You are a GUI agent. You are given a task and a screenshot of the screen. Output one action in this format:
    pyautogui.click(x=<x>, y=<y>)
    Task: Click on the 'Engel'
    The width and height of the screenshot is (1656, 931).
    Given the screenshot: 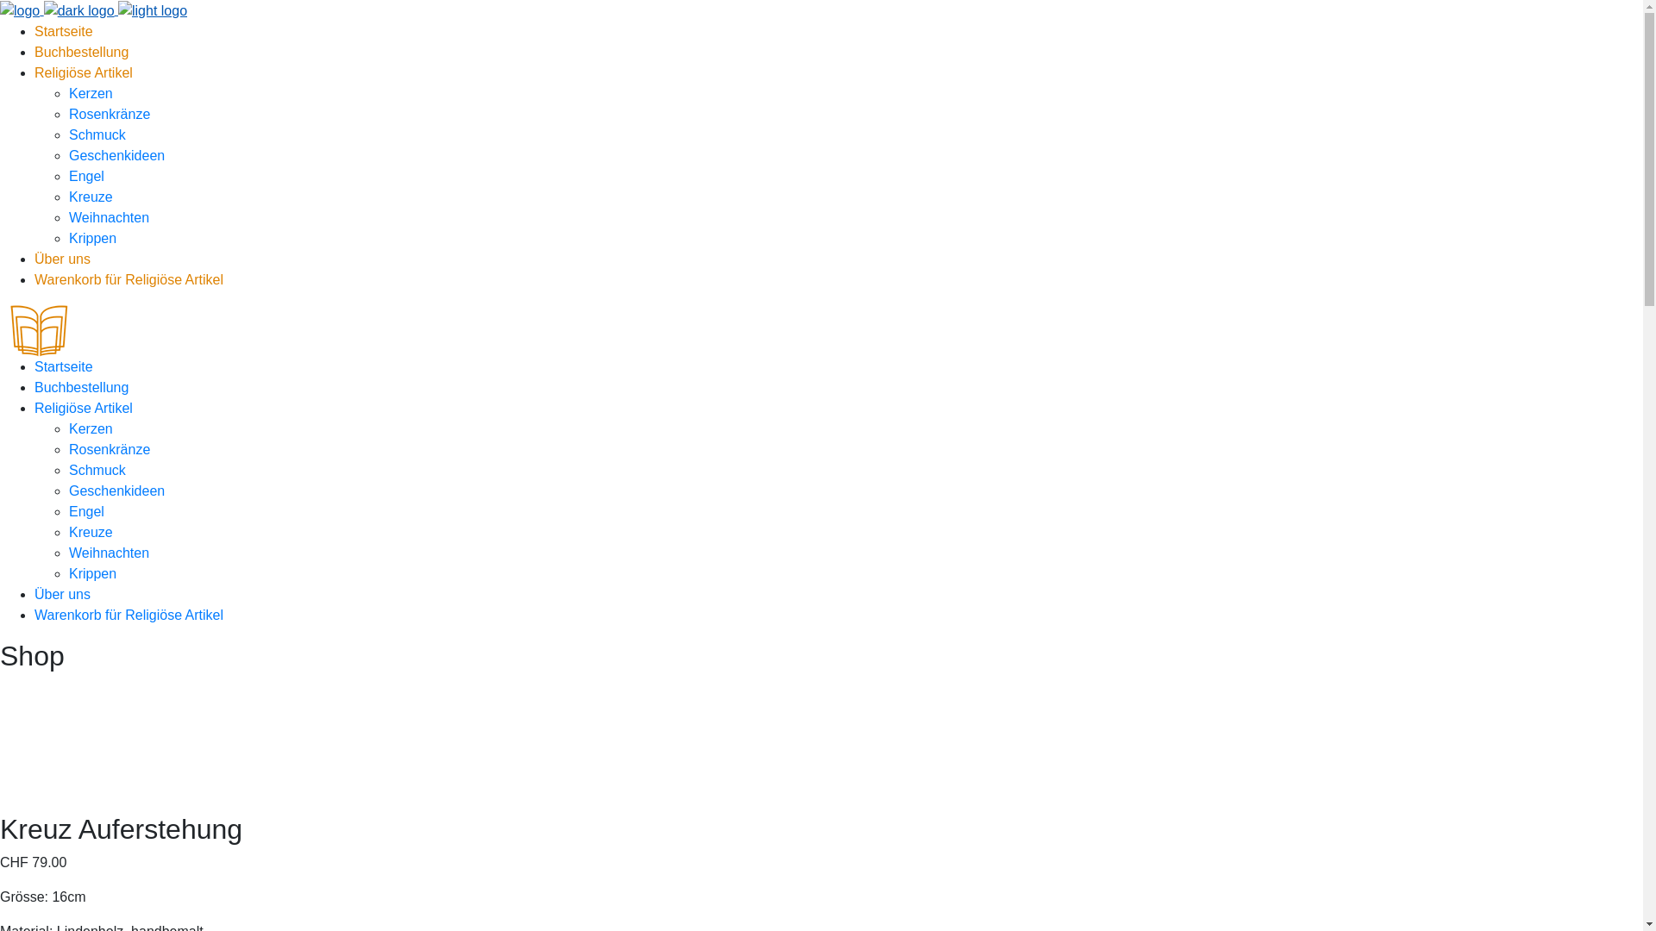 What is the action you would take?
    pyautogui.click(x=85, y=176)
    